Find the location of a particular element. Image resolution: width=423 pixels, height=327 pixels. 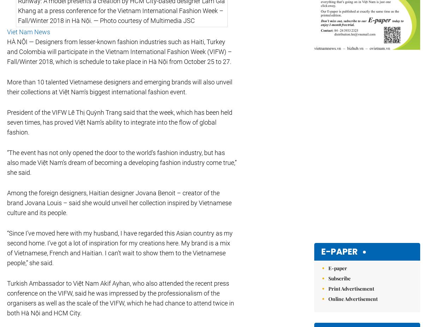

'Sports' is located at coordinates (223, 204).